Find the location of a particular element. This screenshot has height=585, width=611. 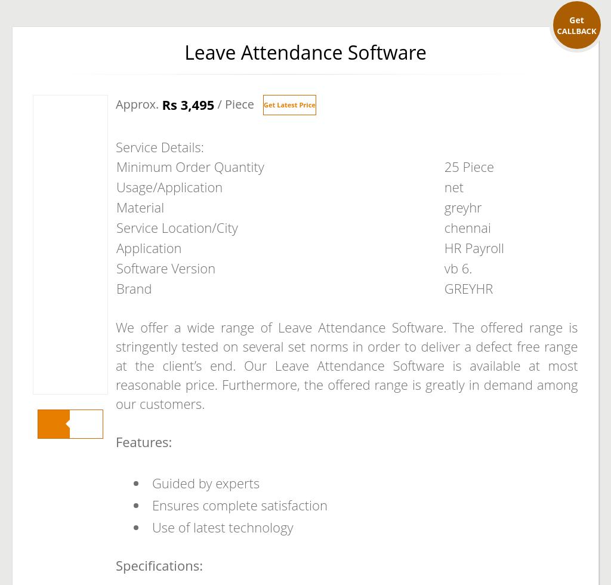

'Guided by experts' is located at coordinates (205, 482).